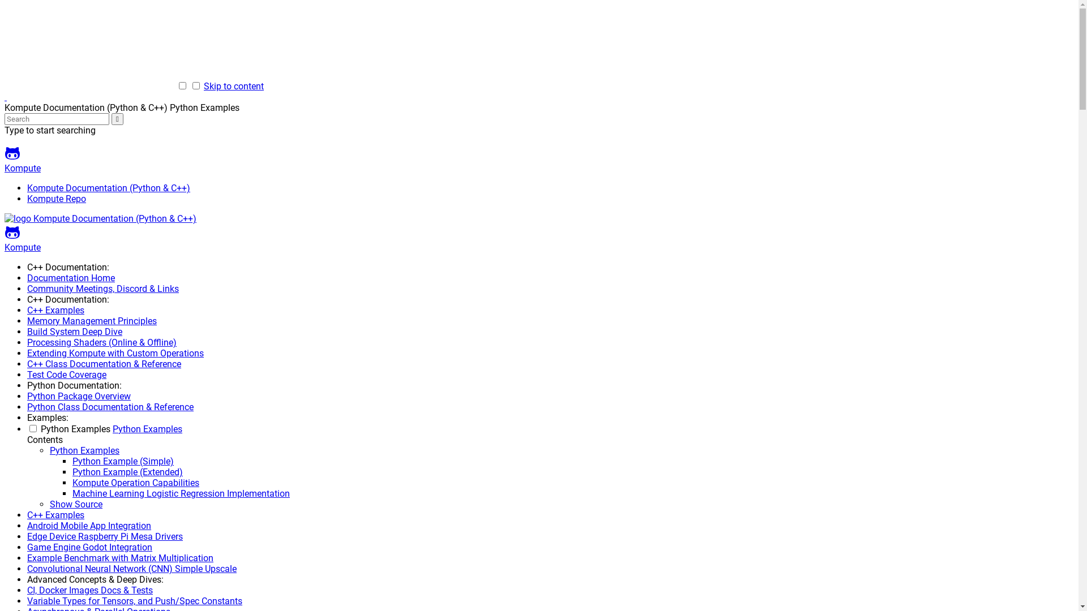 This screenshot has height=611, width=1087. I want to click on 'Skip to content', so click(204, 85).